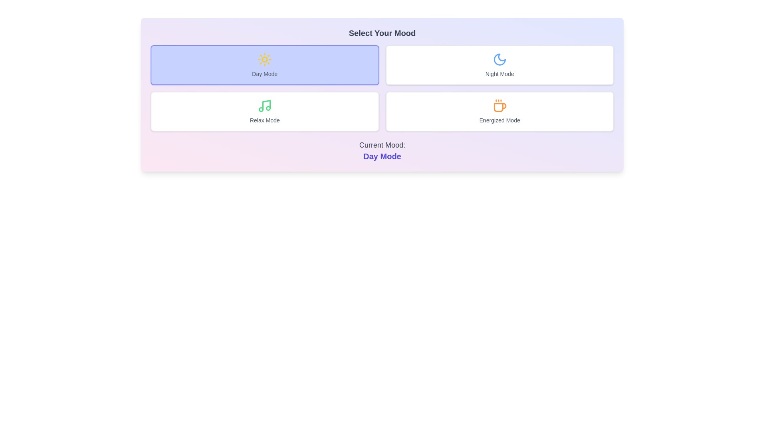 The image size is (769, 432). Describe the element at coordinates (265, 111) in the screenshot. I see `the mood Relax Mode by clicking on its corresponding button` at that location.